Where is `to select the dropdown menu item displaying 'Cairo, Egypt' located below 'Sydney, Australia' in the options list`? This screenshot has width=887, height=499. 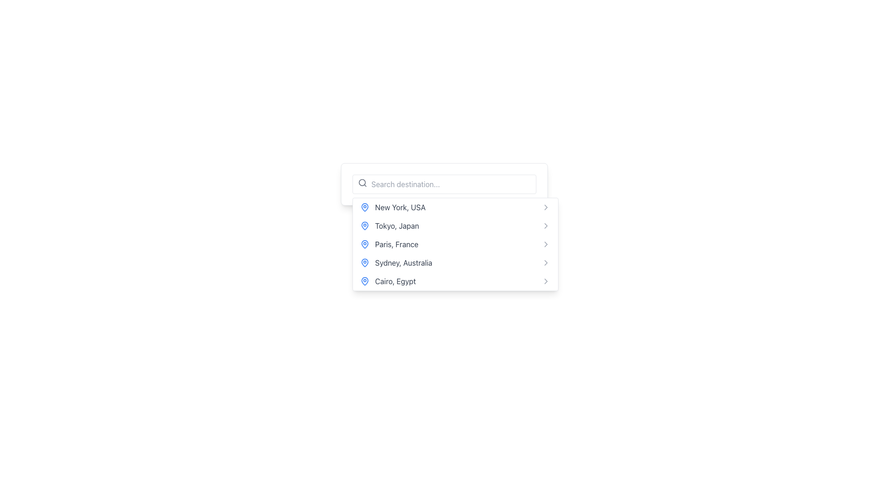
to select the dropdown menu item displaying 'Cairo, Egypt' located below 'Sydney, Australia' in the options list is located at coordinates (388, 281).